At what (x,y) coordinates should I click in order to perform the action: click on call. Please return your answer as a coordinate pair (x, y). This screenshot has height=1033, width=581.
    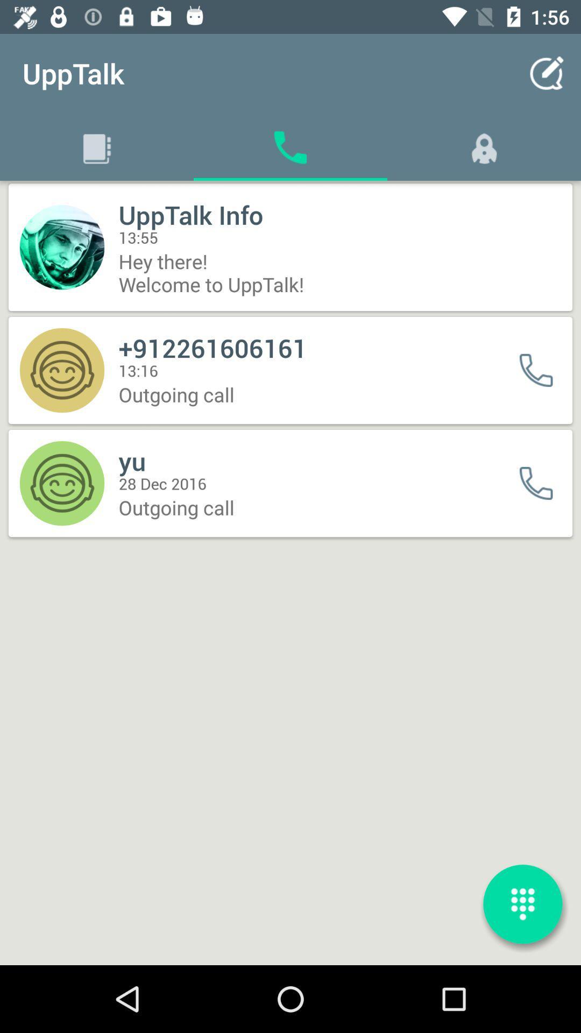
    Looking at the image, I should click on (543, 370).